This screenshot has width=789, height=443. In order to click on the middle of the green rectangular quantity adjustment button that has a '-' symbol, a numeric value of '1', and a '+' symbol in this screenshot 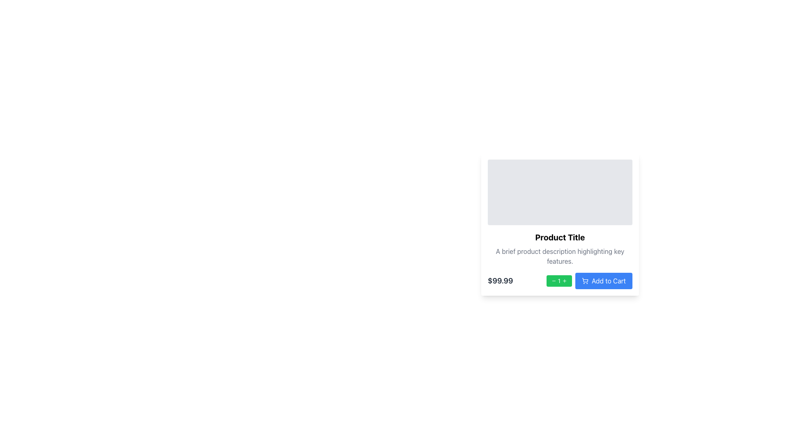, I will do `click(560, 281)`.